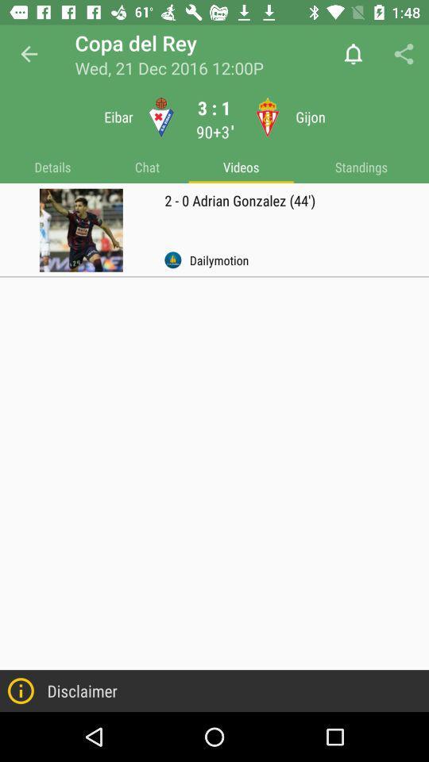 The height and width of the screenshot is (762, 429). I want to click on the logo which is after eibar, so click(160, 117).